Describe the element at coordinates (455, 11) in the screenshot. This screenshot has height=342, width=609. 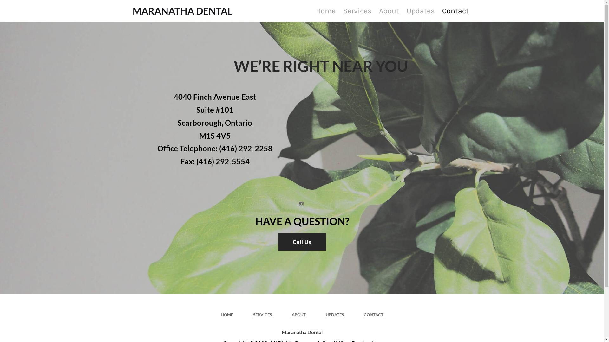
I see `'Contact'` at that location.